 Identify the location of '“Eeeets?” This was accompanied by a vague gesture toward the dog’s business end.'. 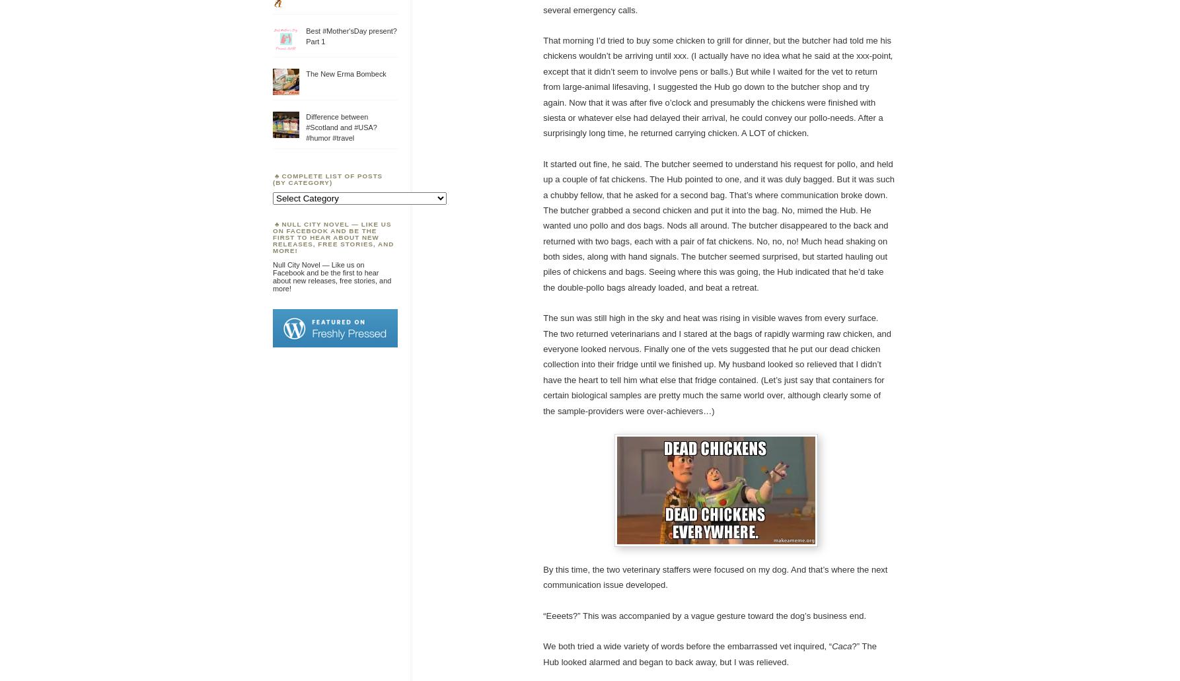
(704, 614).